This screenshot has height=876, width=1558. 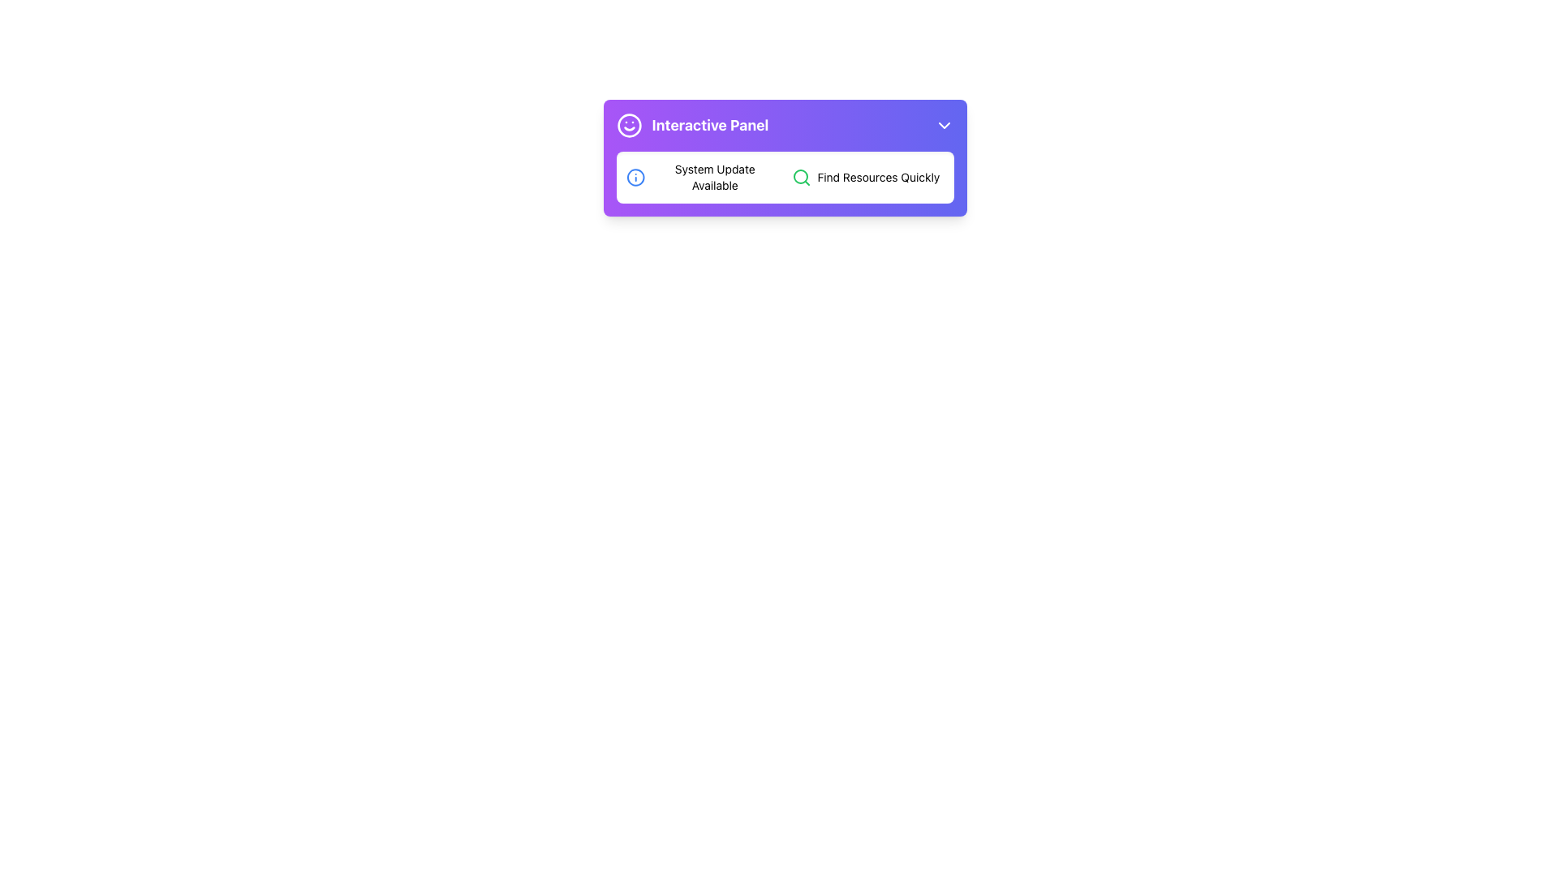 I want to click on the smiling icon on the 'Interactive Panel', so click(x=785, y=158).